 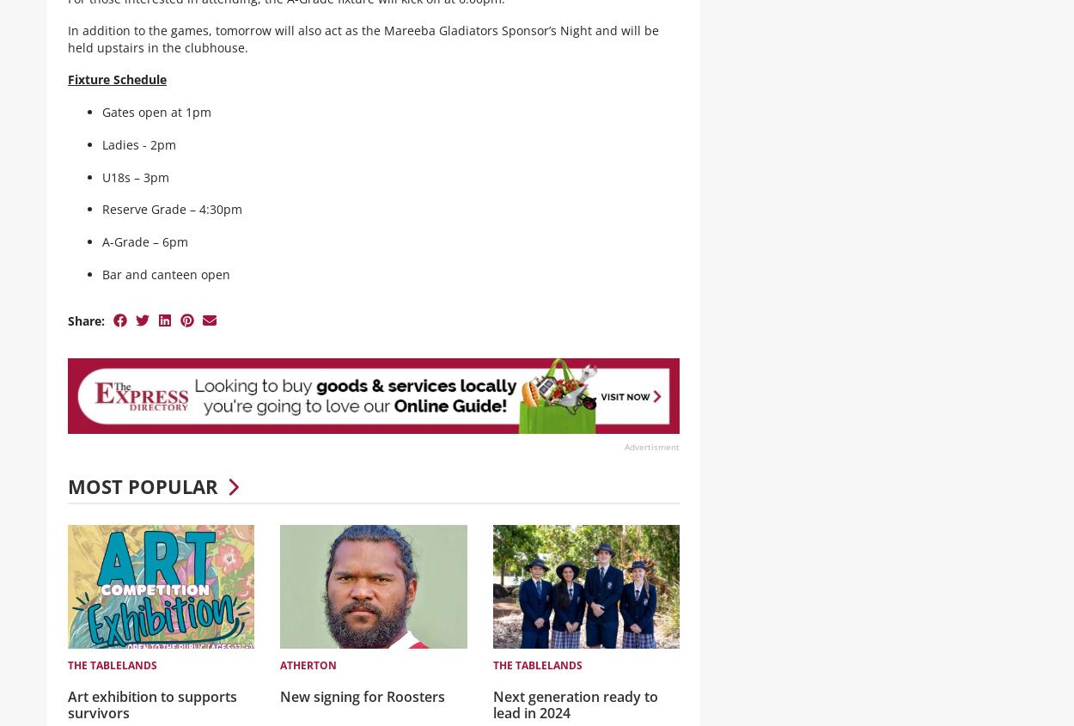 I want to click on 'U18s – 3pm', so click(x=136, y=189).